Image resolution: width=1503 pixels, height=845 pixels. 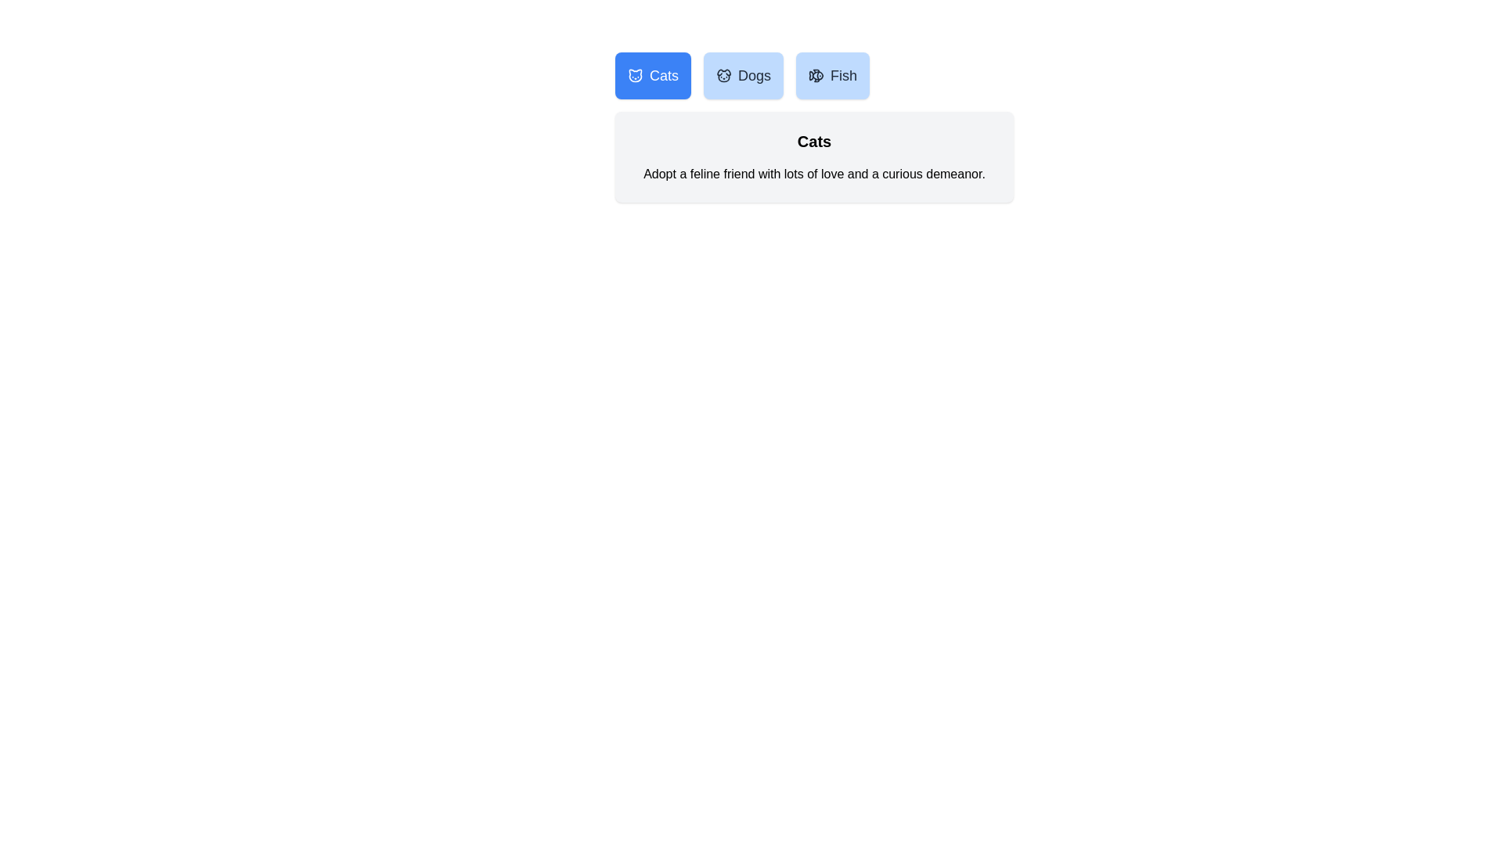 What do you see at coordinates (743, 75) in the screenshot?
I see `the Dogs tab by clicking on it` at bounding box center [743, 75].